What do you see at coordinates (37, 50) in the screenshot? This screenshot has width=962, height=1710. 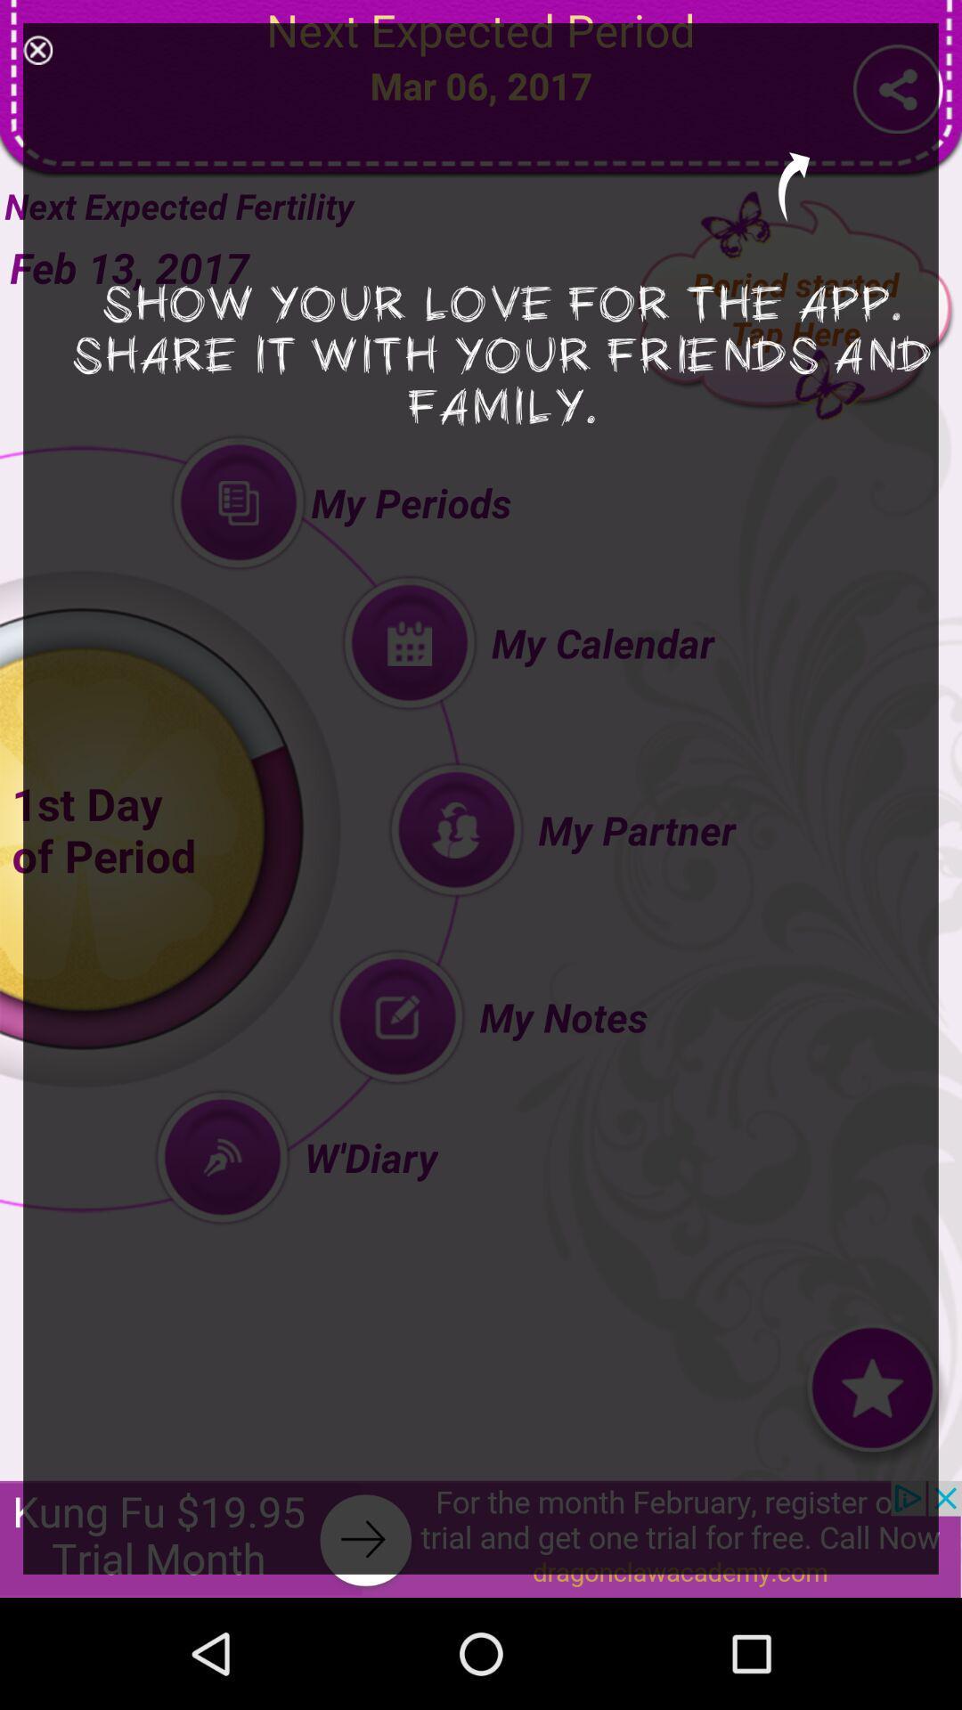 I see `the icon at the top left corner` at bounding box center [37, 50].